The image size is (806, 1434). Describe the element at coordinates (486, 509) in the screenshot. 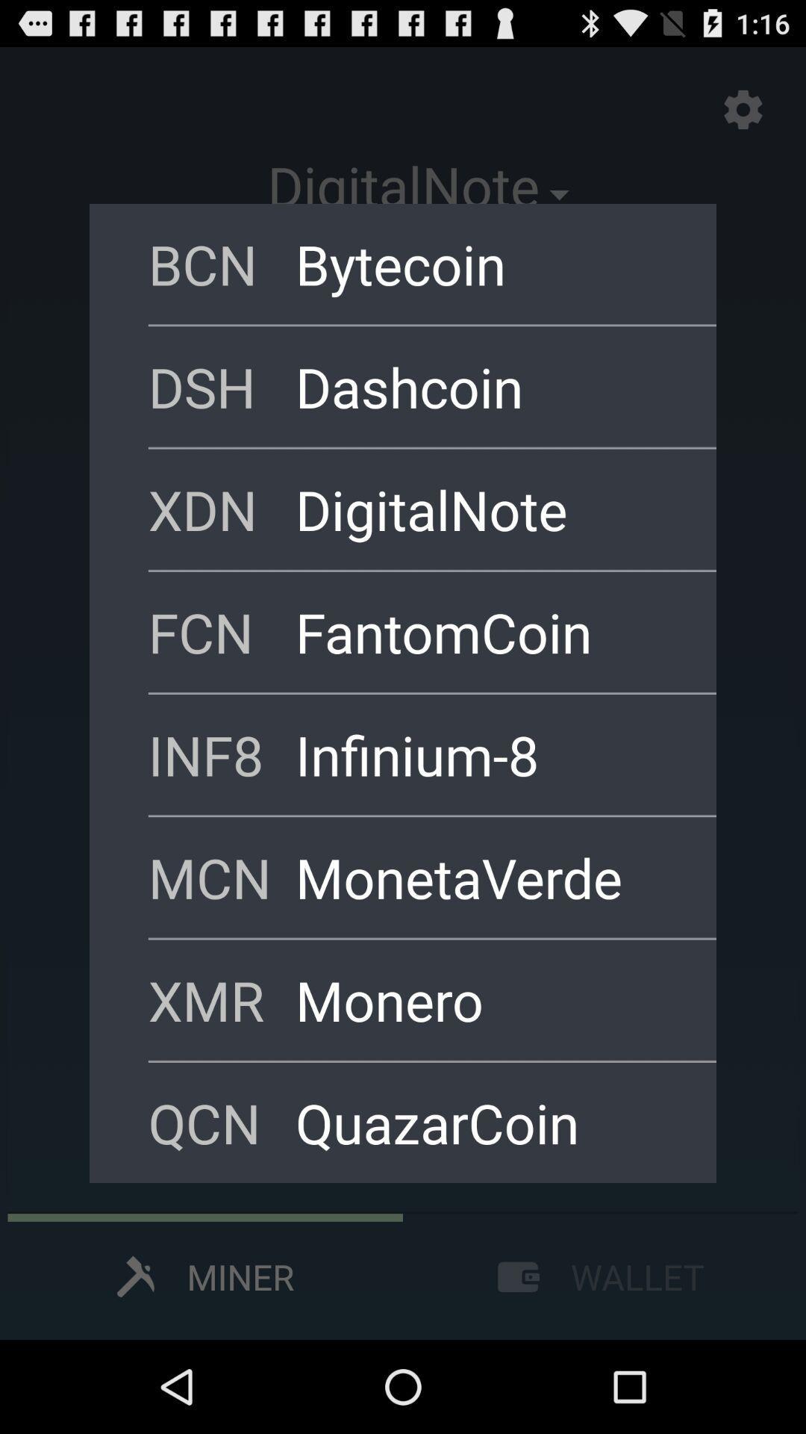

I see `item next to xdn icon` at that location.